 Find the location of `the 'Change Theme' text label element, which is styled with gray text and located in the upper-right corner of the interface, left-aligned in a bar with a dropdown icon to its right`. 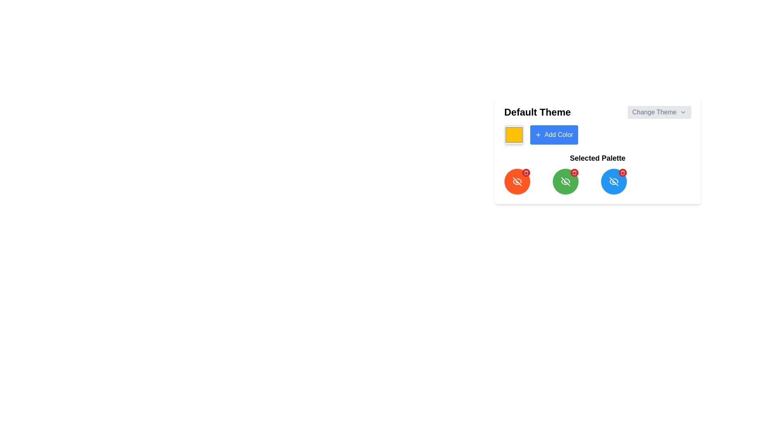

the 'Change Theme' text label element, which is styled with gray text and located in the upper-right corner of the interface, left-aligned in a bar with a dropdown icon to its right is located at coordinates (654, 112).